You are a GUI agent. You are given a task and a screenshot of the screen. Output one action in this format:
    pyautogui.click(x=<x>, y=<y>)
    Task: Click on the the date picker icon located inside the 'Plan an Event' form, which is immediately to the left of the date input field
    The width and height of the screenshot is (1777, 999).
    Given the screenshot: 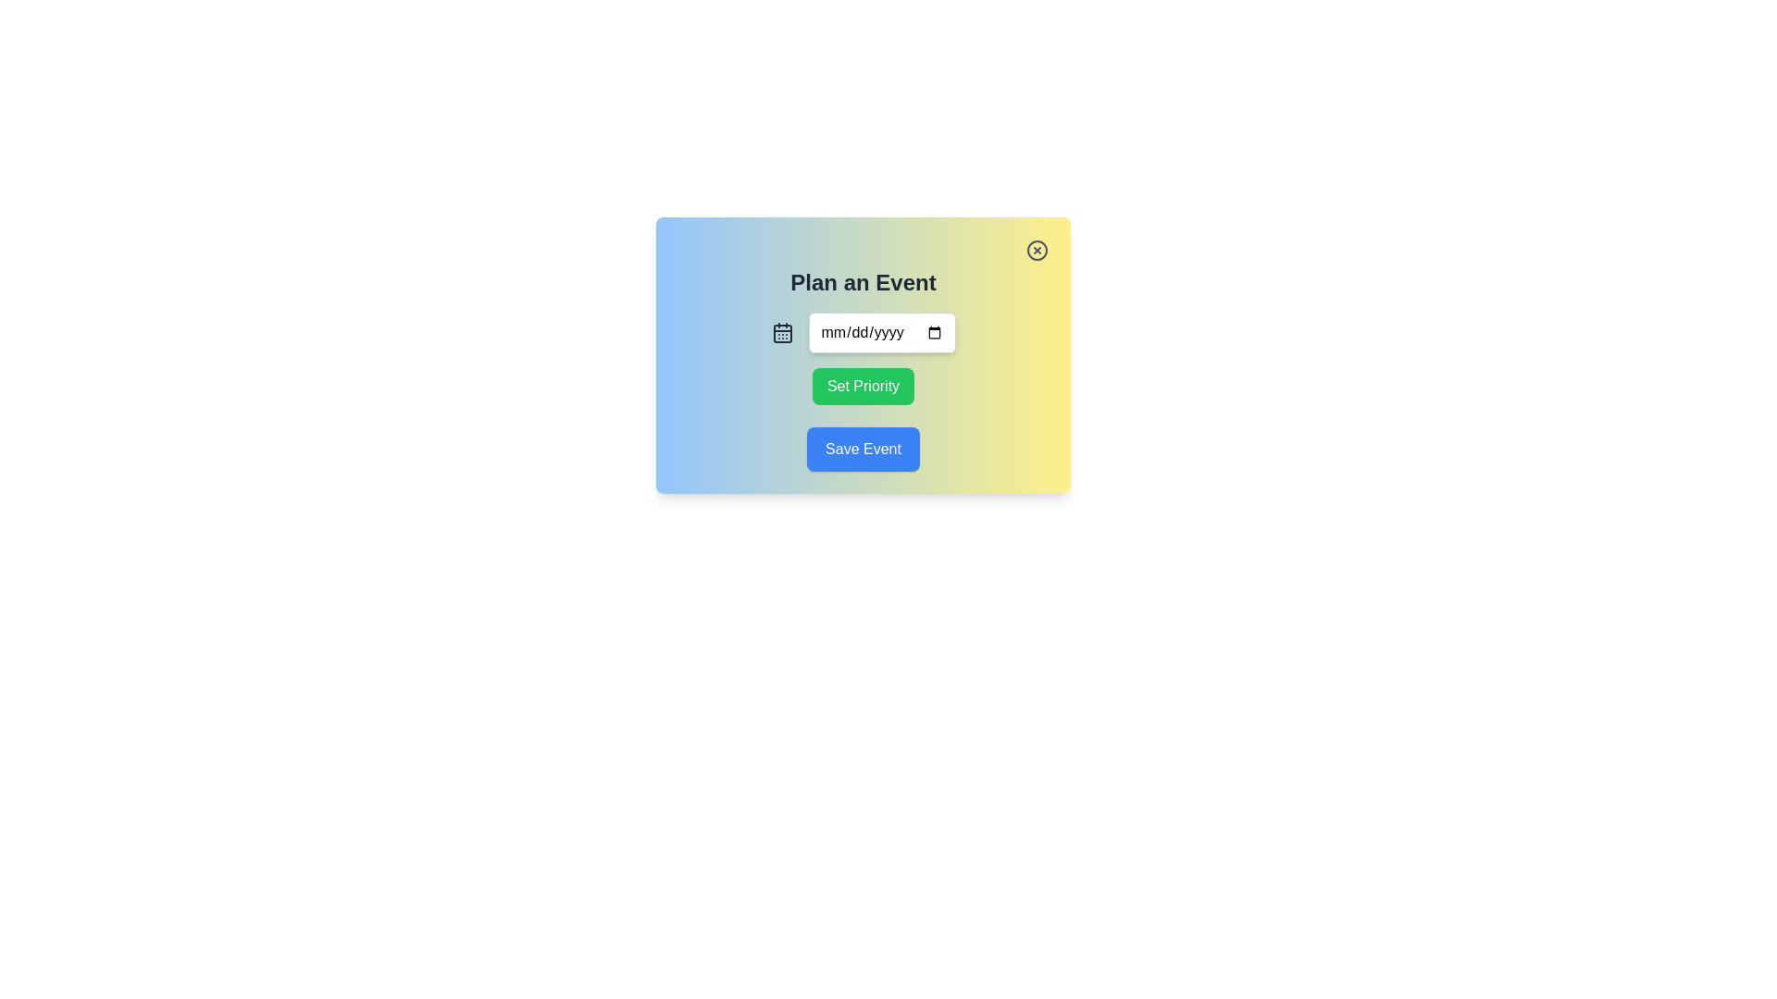 What is the action you would take?
    pyautogui.click(x=782, y=331)
    